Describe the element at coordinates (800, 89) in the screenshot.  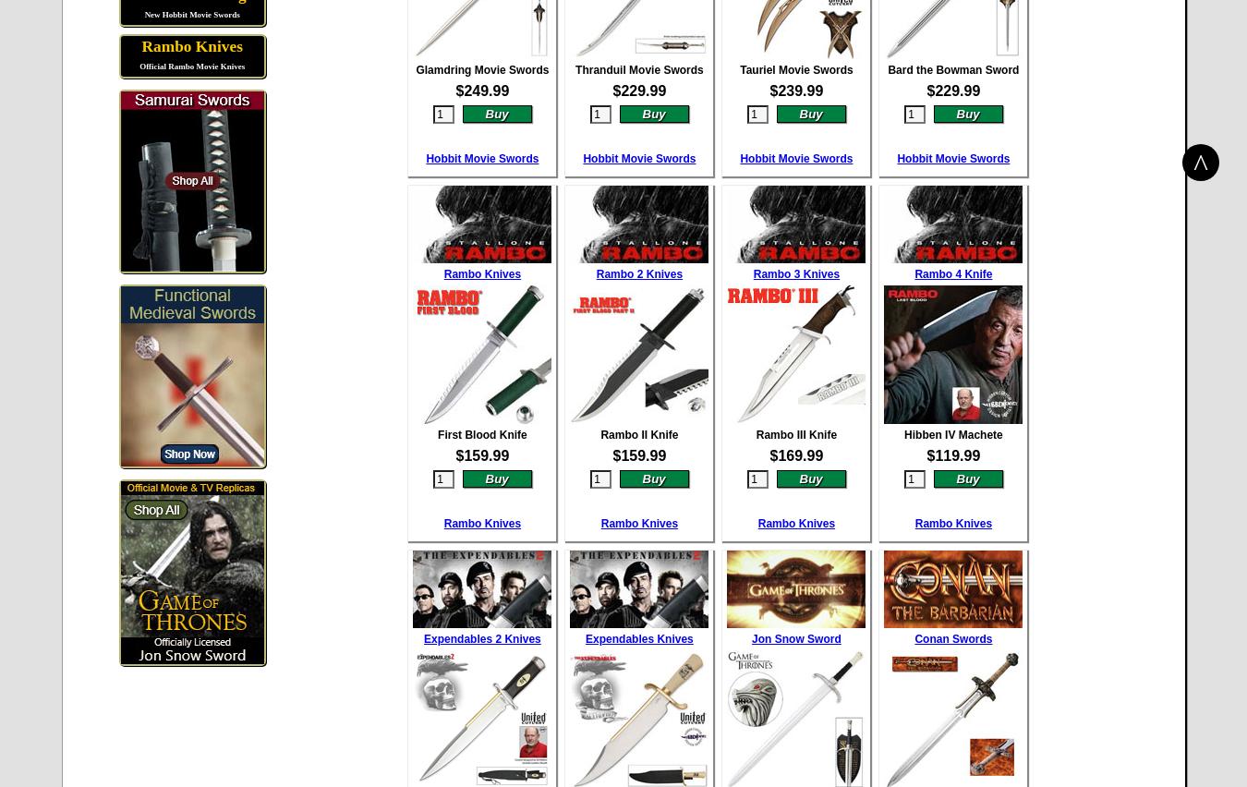
I see `'239.99'` at that location.